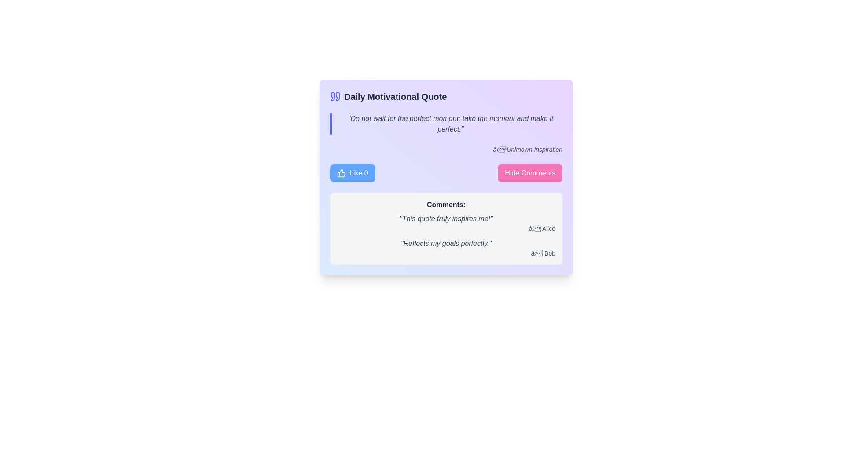 Image resolution: width=845 pixels, height=475 pixels. What do you see at coordinates (446, 248) in the screenshot?
I see `the text element displaying 'Reflects my goals perfectly.— Bob', which is the second comment in the 'Comments' section of the motivational quote widget` at bounding box center [446, 248].